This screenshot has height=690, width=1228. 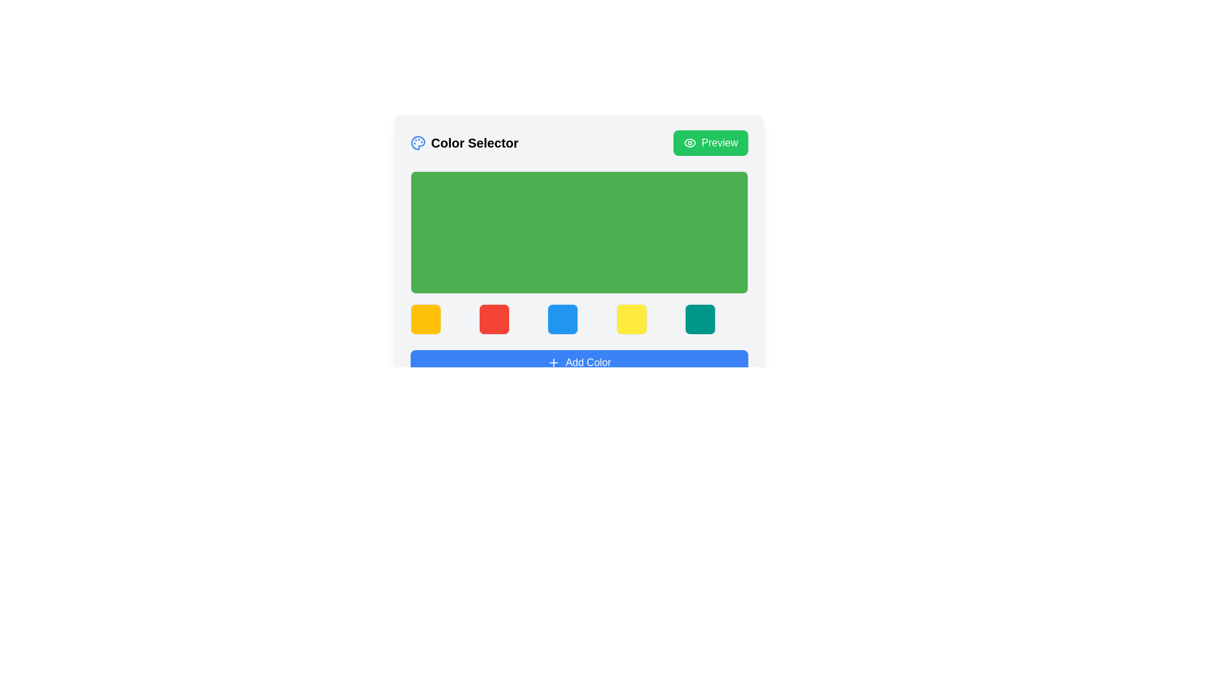 What do you see at coordinates (689, 142) in the screenshot?
I see `the visual effect of the eye icon located inside the green 'Preview' button, positioned to the left of the button's text` at bounding box center [689, 142].